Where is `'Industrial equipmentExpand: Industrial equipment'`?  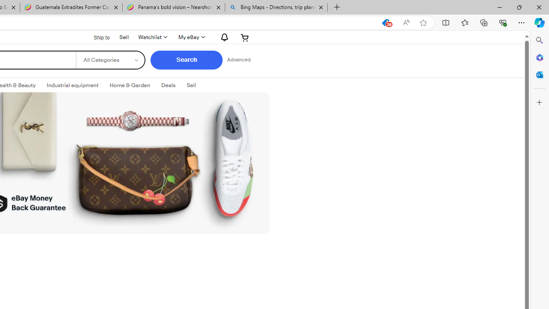
'Industrial equipmentExpand: Industrial equipment' is located at coordinates (72, 85).